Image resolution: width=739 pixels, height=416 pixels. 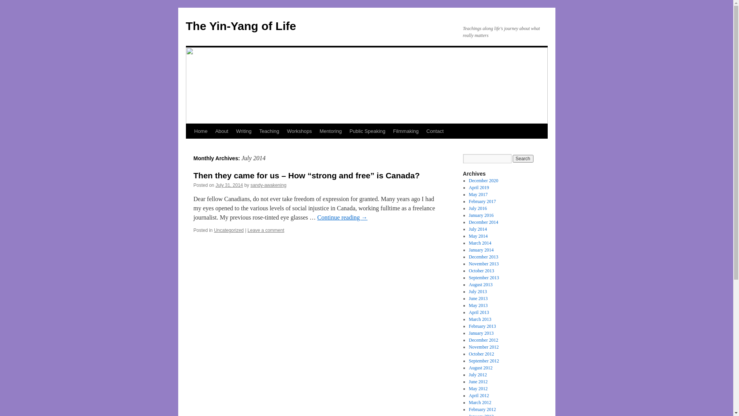 I want to click on 'Filmmaking', so click(x=405, y=131).